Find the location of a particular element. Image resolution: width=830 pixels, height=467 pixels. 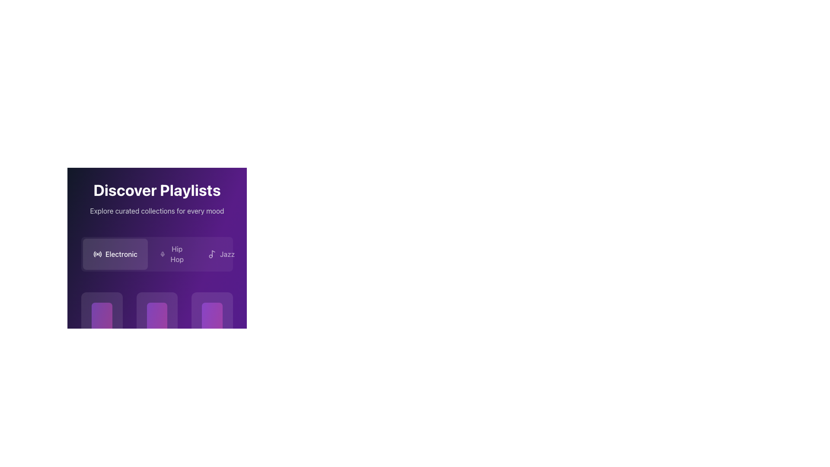

the outermost arc of the radio icon representing the 'Electronic' music category in the playlist interface, located at the bottom-center section of the interface is located at coordinates (101, 253).